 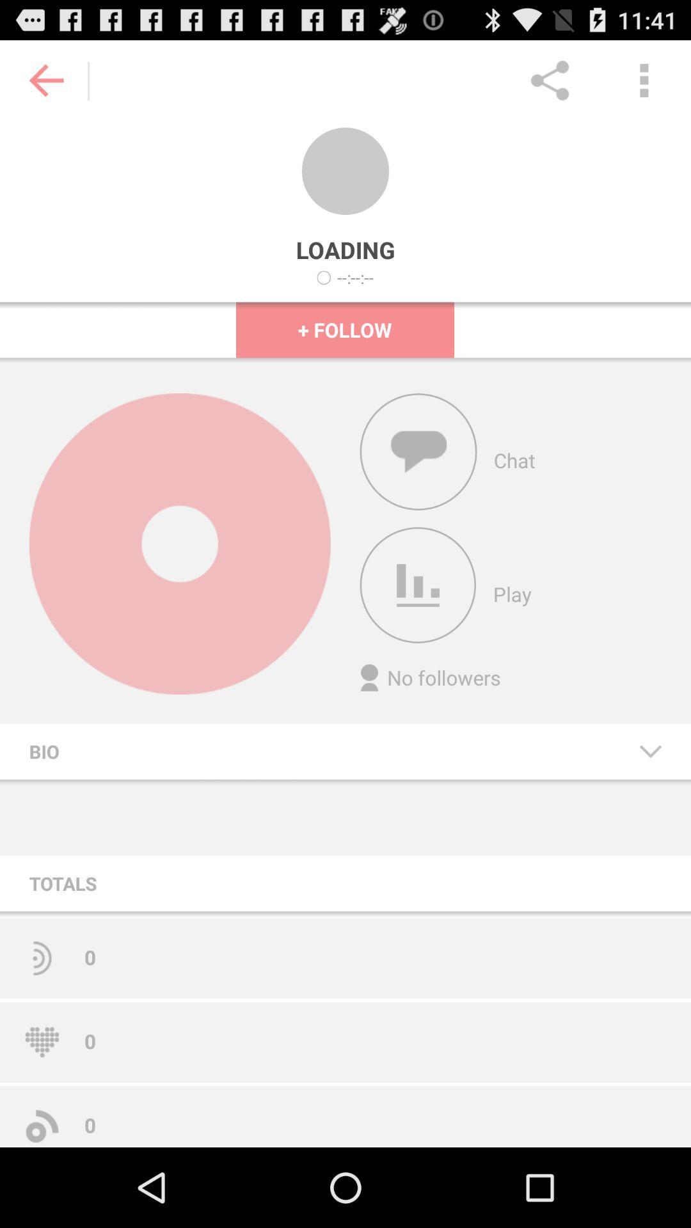 I want to click on click on play icon, so click(x=418, y=585).